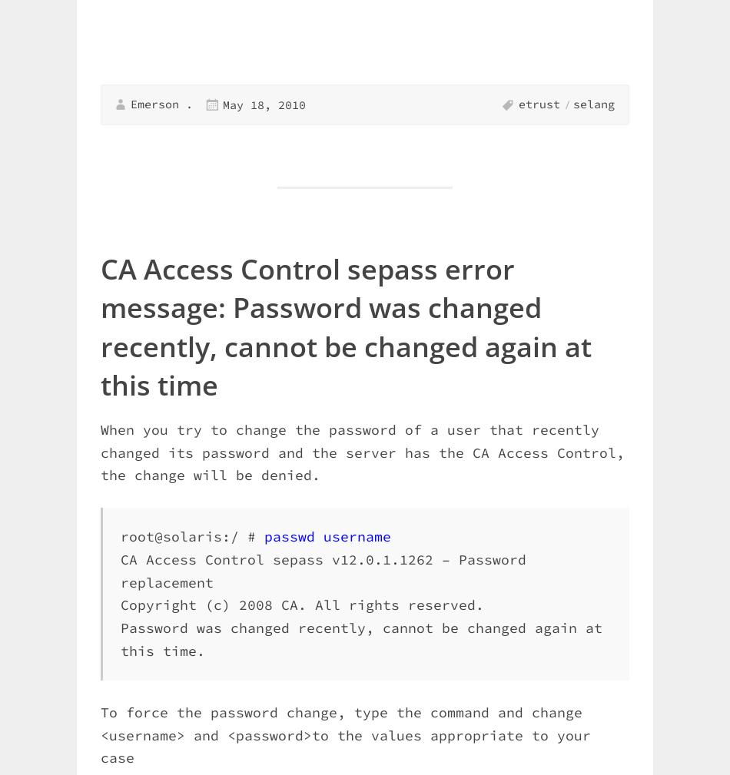 This screenshot has width=730, height=775. Describe the element at coordinates (345, 734) in the screenshot. I see `'To force the password change, type the command and change <username> and <password>to the values appropriate to your case'` at that location.